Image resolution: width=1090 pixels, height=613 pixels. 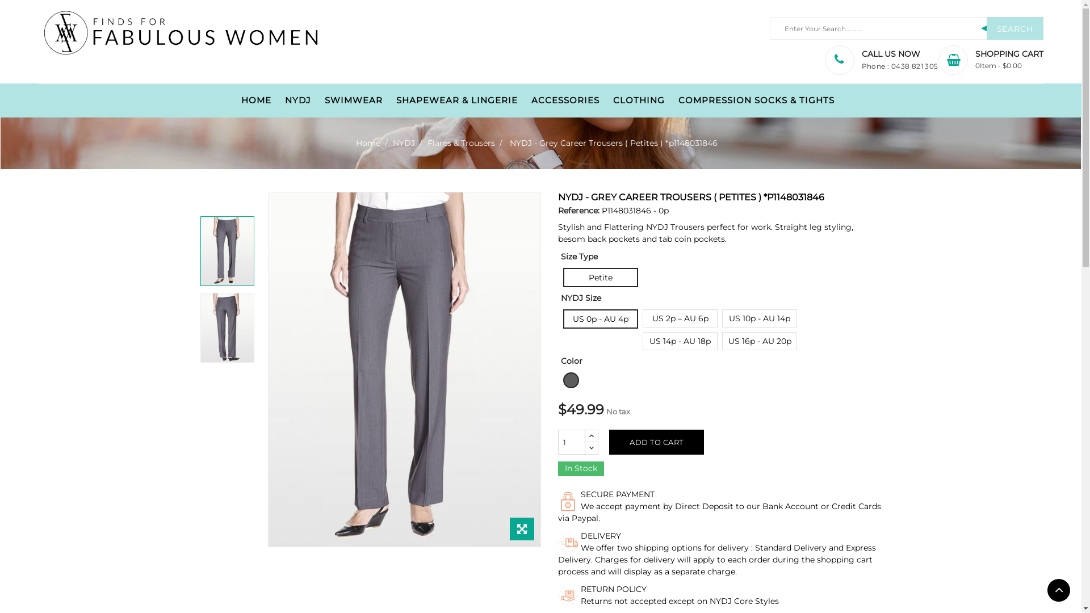 What do you see at coordinates (565, 100) in the screenshot?
I see `'ACCESSORIES'` at bounding box center [565, 100].